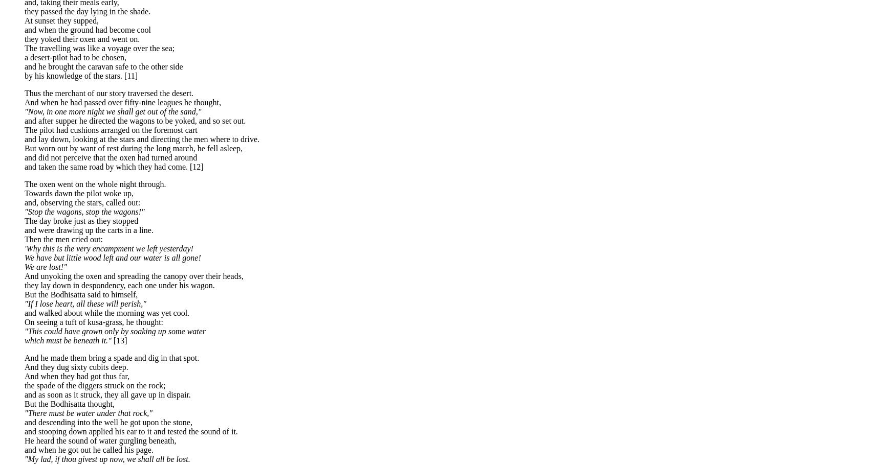 This screenshot has width=870, height=465. What do you see at coordinates (88, 449) in the screenshot?
I see `'and when he got  out  he called  his page.'` at bounding box center [88, 449].